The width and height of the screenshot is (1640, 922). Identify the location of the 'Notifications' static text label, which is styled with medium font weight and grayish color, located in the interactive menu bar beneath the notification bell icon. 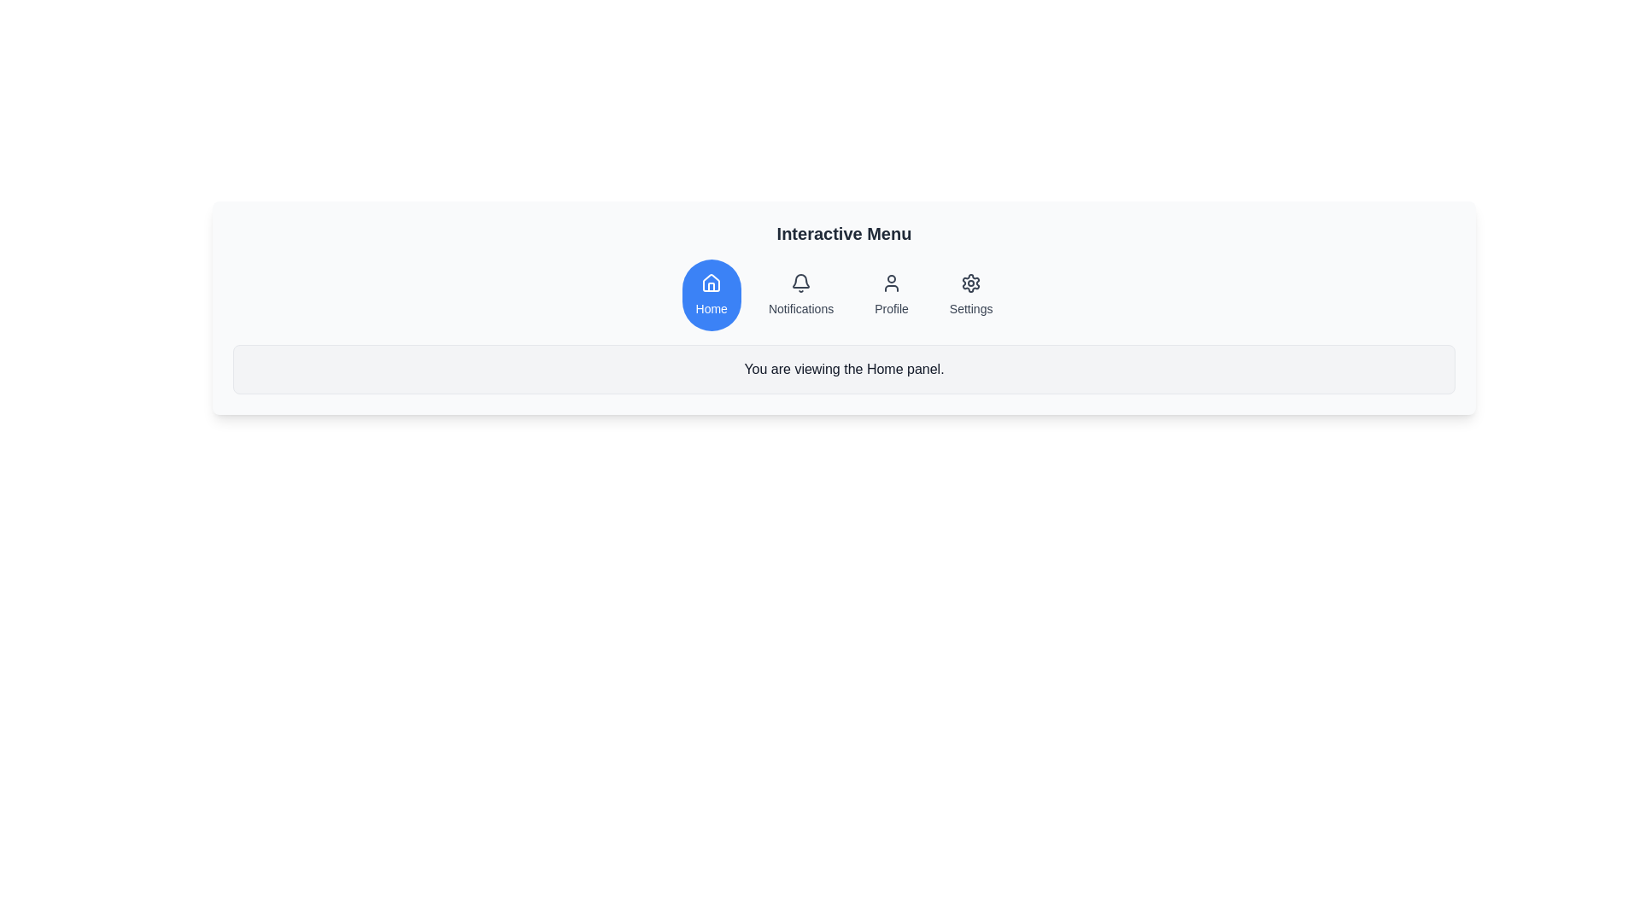
(800, 309).